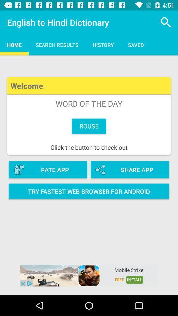 The width and height of the screenshot is (178, 316). I want to click on opens the advertisement, so click(89, 276).